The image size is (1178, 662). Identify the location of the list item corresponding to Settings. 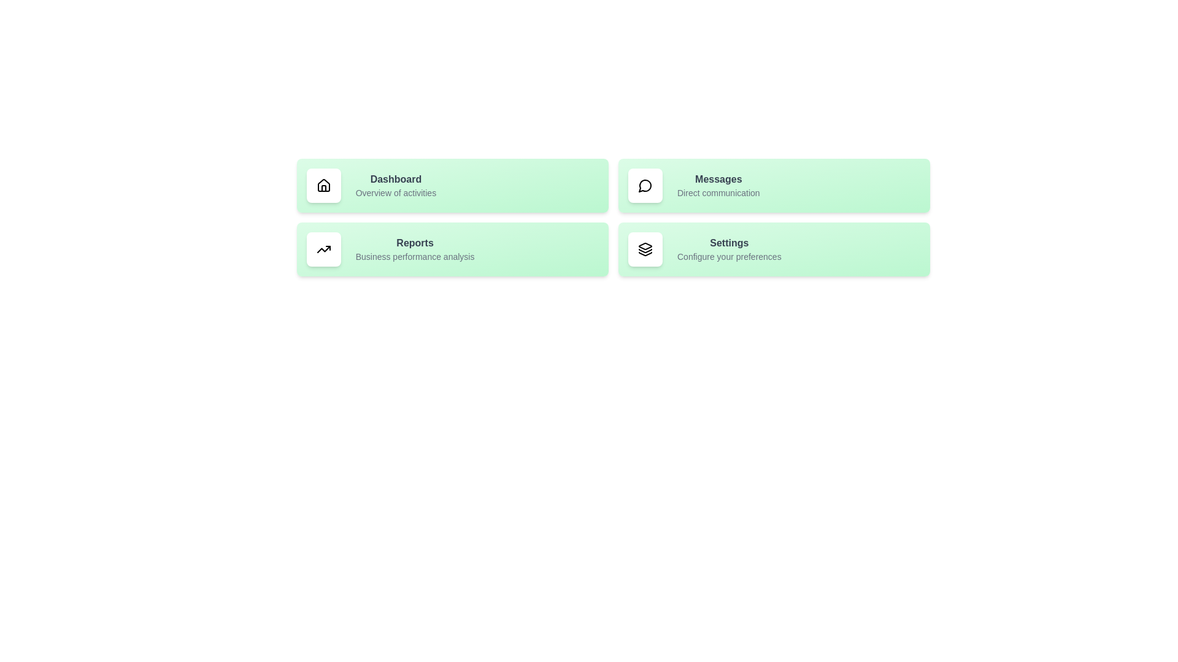
(774, 249).